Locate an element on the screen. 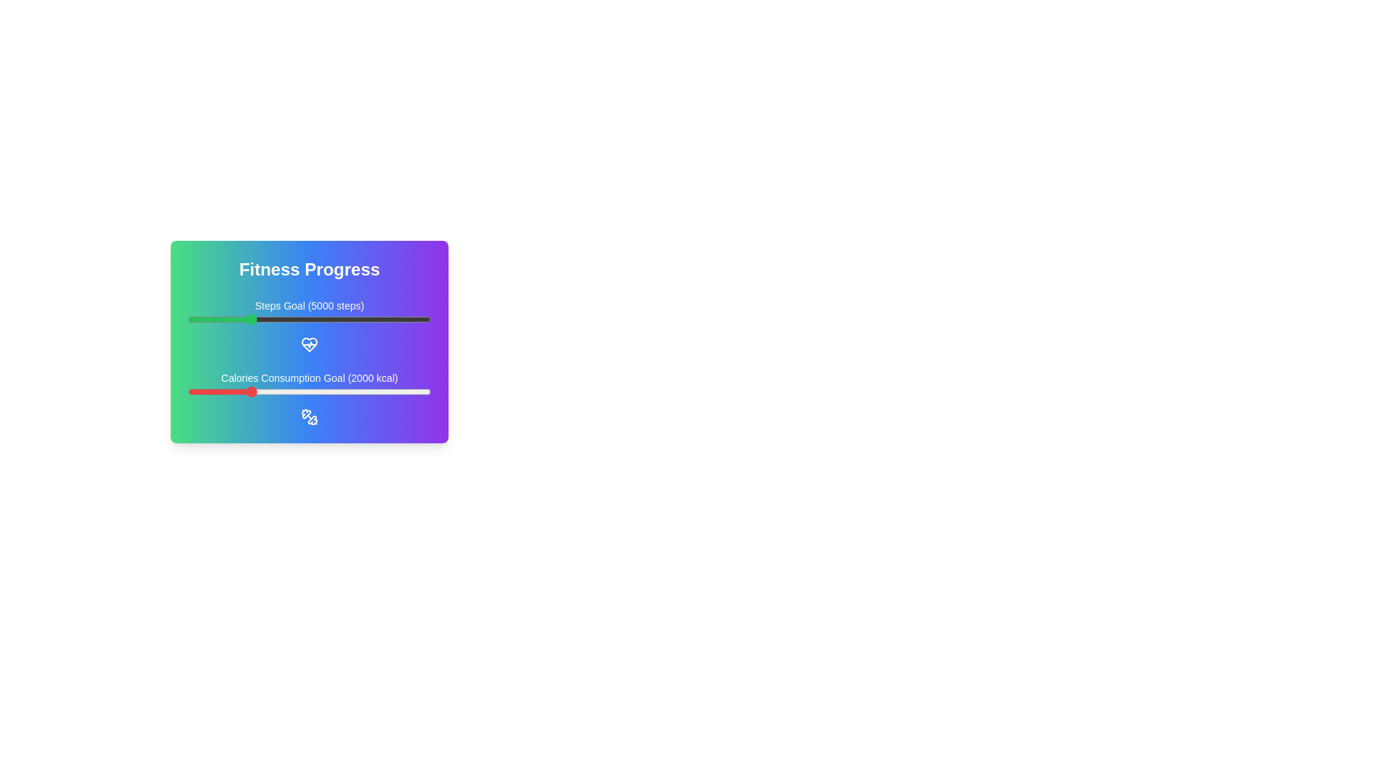 This screenshot has height=781, width=1389. the calories goal is located at coordinates (378, 392).